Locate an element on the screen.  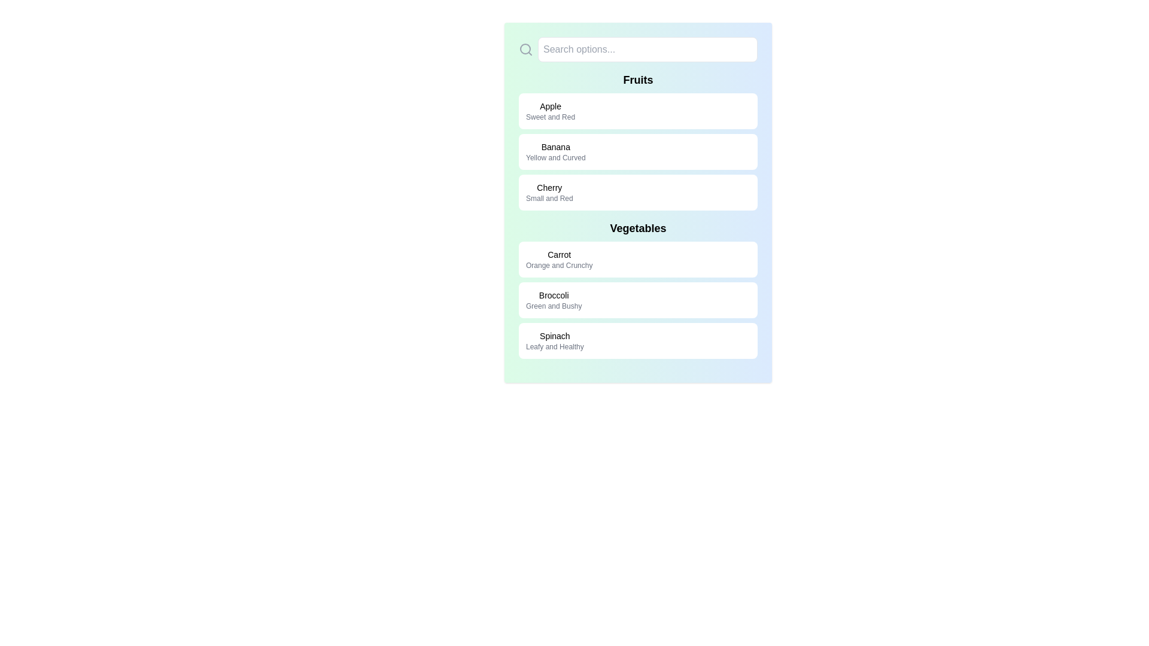
the Static text header that indicates the category of the items displayed below it, serving as a label for the section's content is located at coordinates (637, 80).